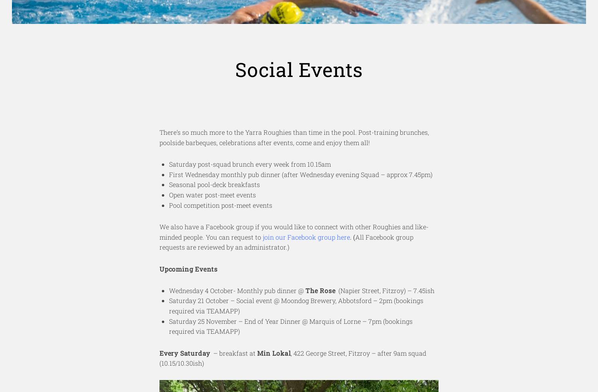  Describe the element at coordinates (301, 173) in the screenshot. I see `'First Wednesday monthly pub dinner (after Wednesday evening Squad – approx 7.45pm)'` at that location.